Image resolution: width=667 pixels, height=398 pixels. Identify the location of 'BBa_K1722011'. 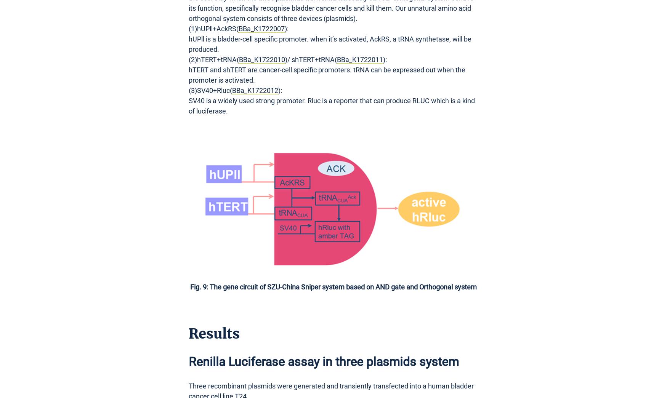
(360, 59).